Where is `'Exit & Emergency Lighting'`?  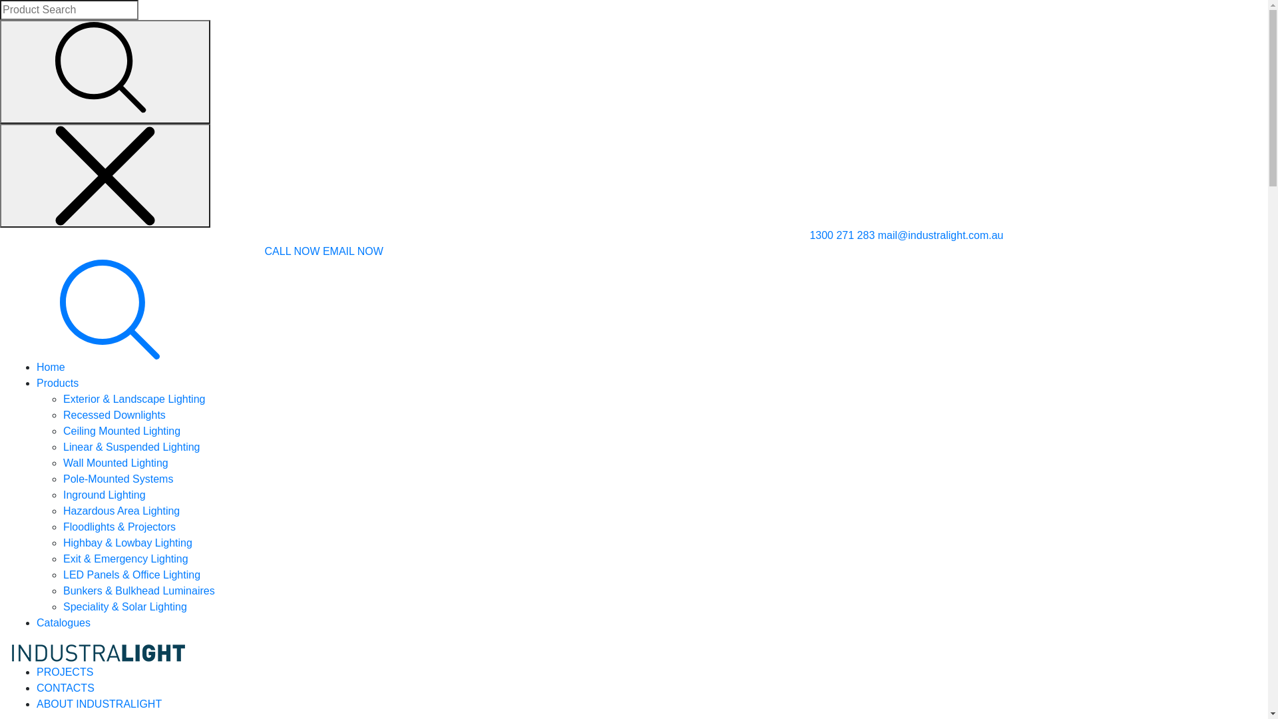 'Exit & Emergency Lighting' is located at coordinates (125, 559).